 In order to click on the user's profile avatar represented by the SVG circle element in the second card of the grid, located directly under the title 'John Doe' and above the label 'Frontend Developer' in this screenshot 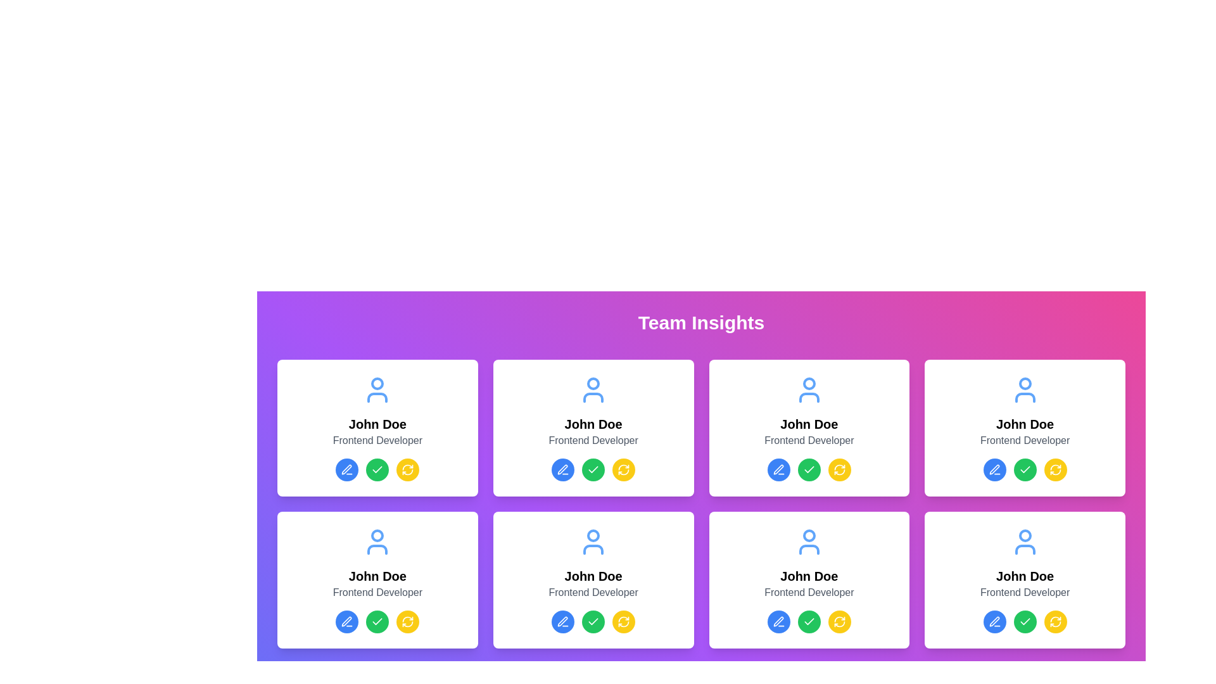, I will do `click(808, 383)`.